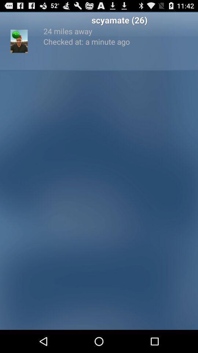 The height and width of the screenshot is (353, 198). I want to click on the icon above the checked at a icon, so click(119, 31).